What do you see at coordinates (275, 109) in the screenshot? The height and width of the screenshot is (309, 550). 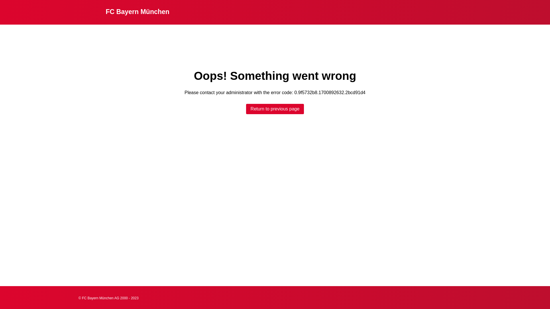 I see `'Return to previous page'` at bounding box center [275, 109].